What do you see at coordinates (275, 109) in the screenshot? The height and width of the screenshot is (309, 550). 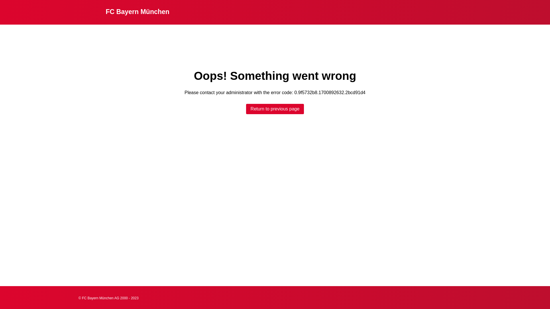 I see `'Return to previous page'` at bounding box center [275, 109].